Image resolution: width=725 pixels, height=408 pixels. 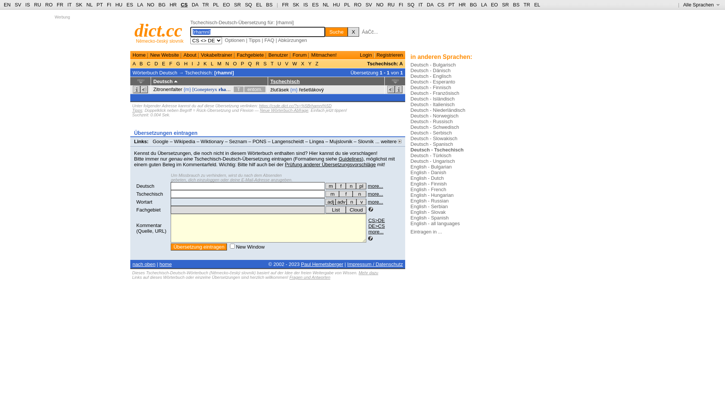 I want to click on 'LA', so click(x=484, y=5).